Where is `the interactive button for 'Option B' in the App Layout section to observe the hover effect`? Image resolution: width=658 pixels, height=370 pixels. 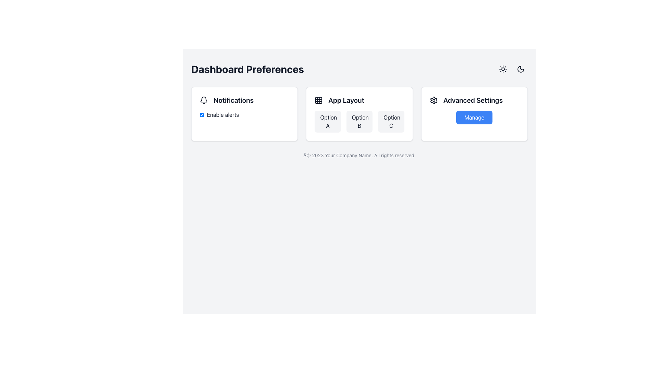
the interactive button for 'Option B' in the App Layout section to observe the hover effect is located at coordinates (359, 121).